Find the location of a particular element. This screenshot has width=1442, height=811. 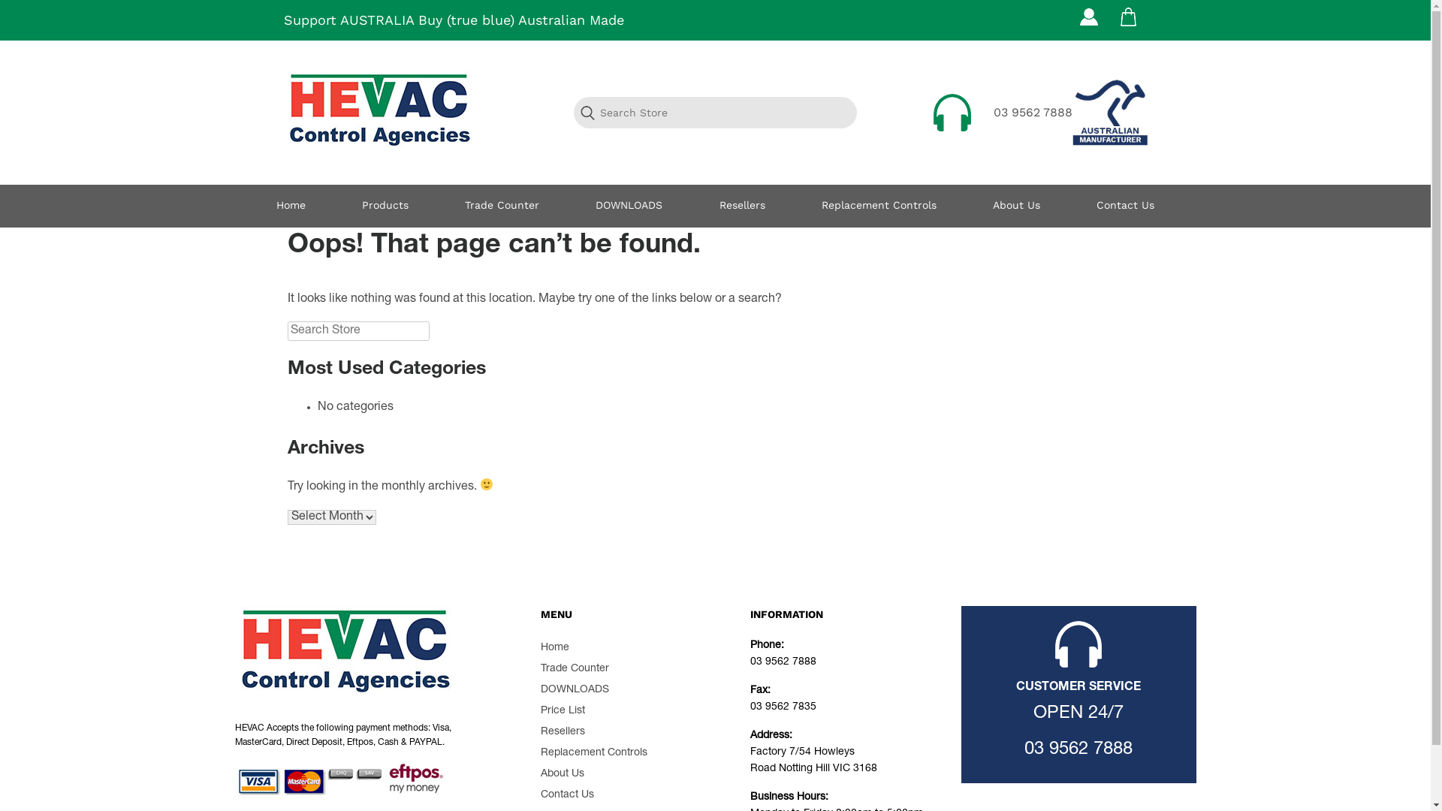

'Resellers' is located at coordinates (562, 731).